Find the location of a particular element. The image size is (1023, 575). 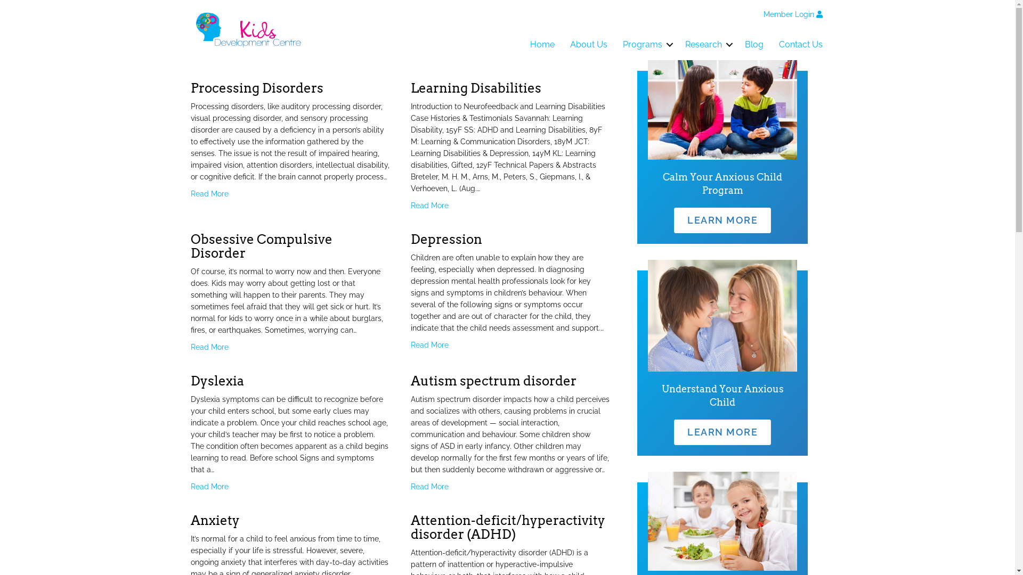

'Blog' is located at coordinates (753, 44).